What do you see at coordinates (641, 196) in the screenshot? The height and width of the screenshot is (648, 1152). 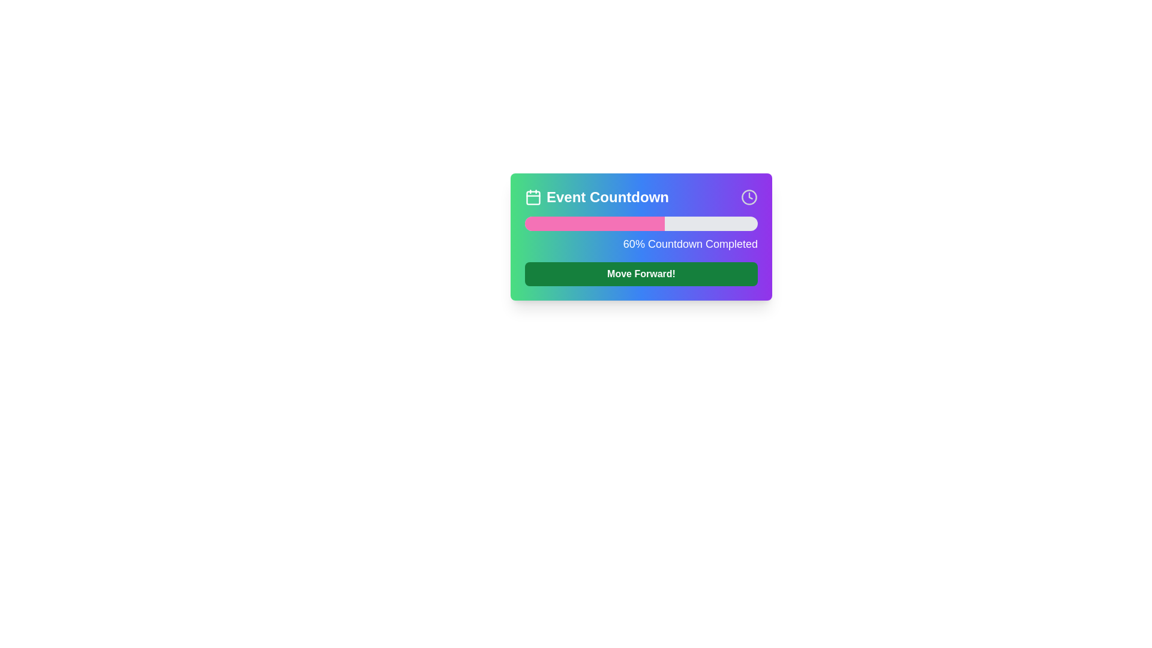 I see `the 'Event Countdown' text in the Section Header with Icons to interact with the adjacent calendar and clock icons` at bounding box center [641, 196].